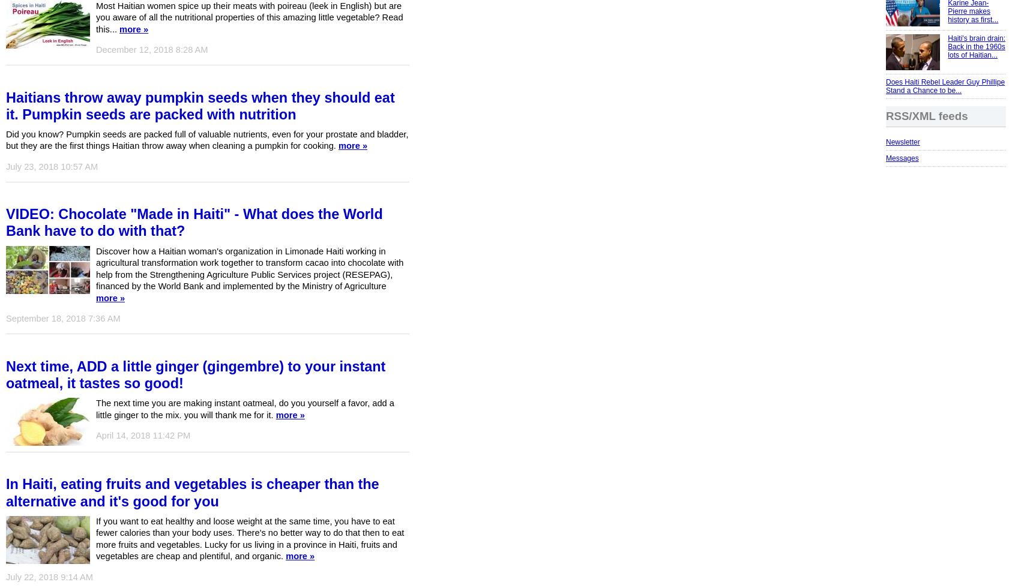 This screenshot has height=588, width=1012. I want to click on 'In Haiti, eating fruits and vegetables is cheaper than the alternative and it's good for you', so click(191, 493).